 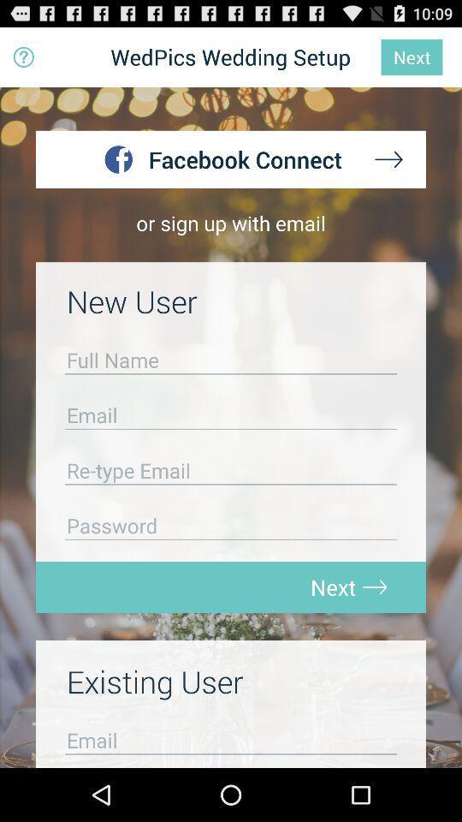 I want to click on password, so click(x=231, y=529).